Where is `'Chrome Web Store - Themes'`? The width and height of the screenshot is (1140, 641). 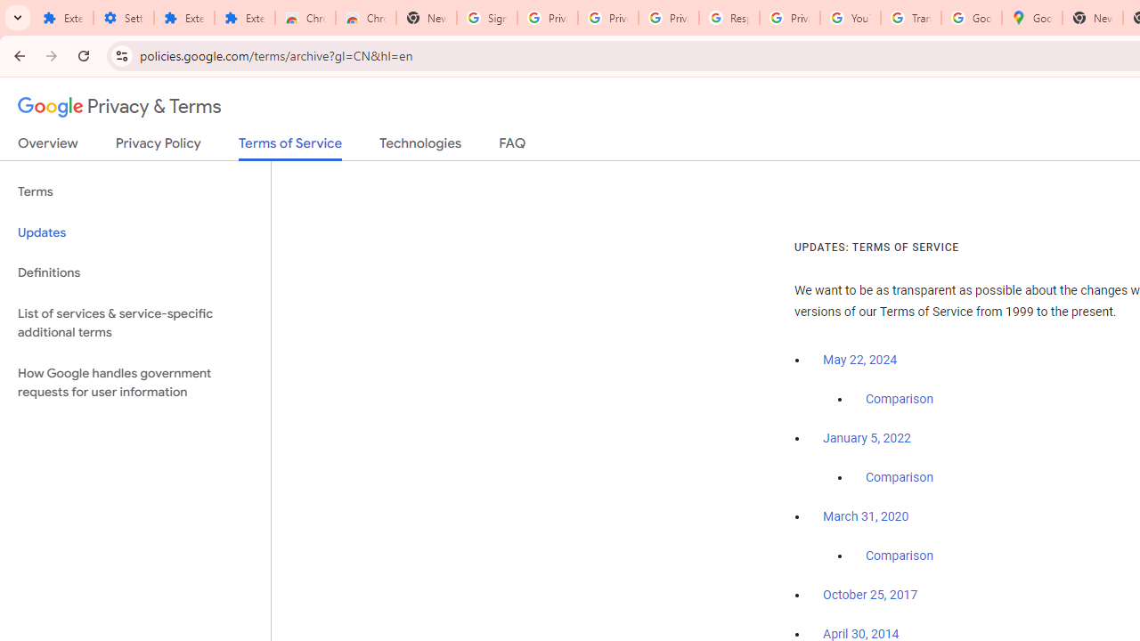
'Chrome Web Store - Themes' is located at coordinates (365, 18).